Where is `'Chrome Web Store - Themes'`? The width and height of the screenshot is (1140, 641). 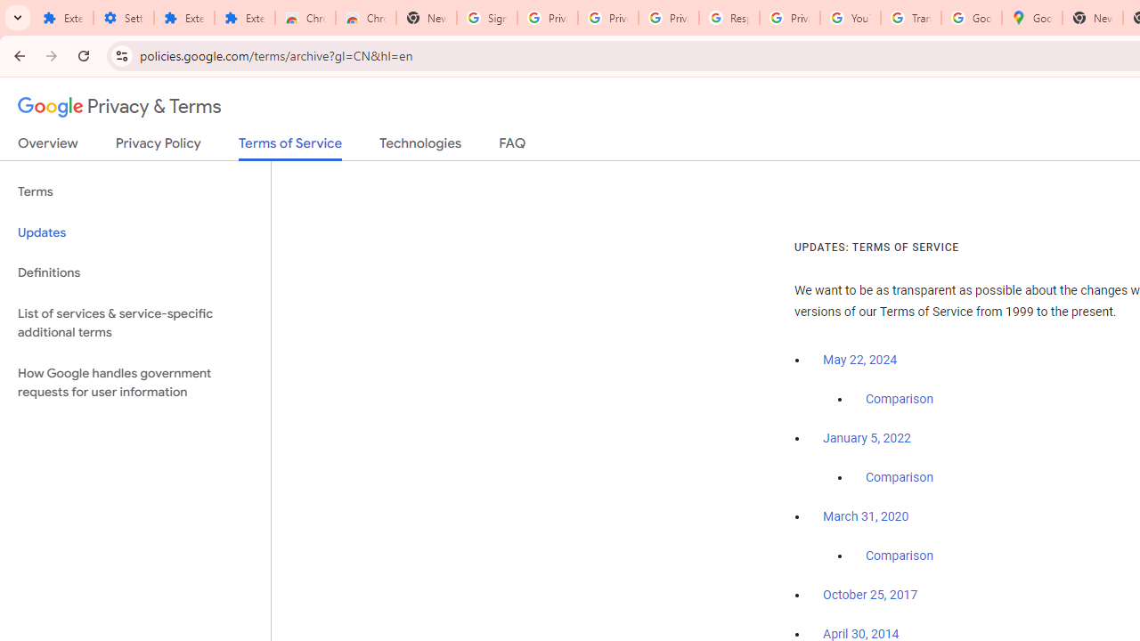
'Chrome Web Store - Themes' is located at coordinates (365, 18).